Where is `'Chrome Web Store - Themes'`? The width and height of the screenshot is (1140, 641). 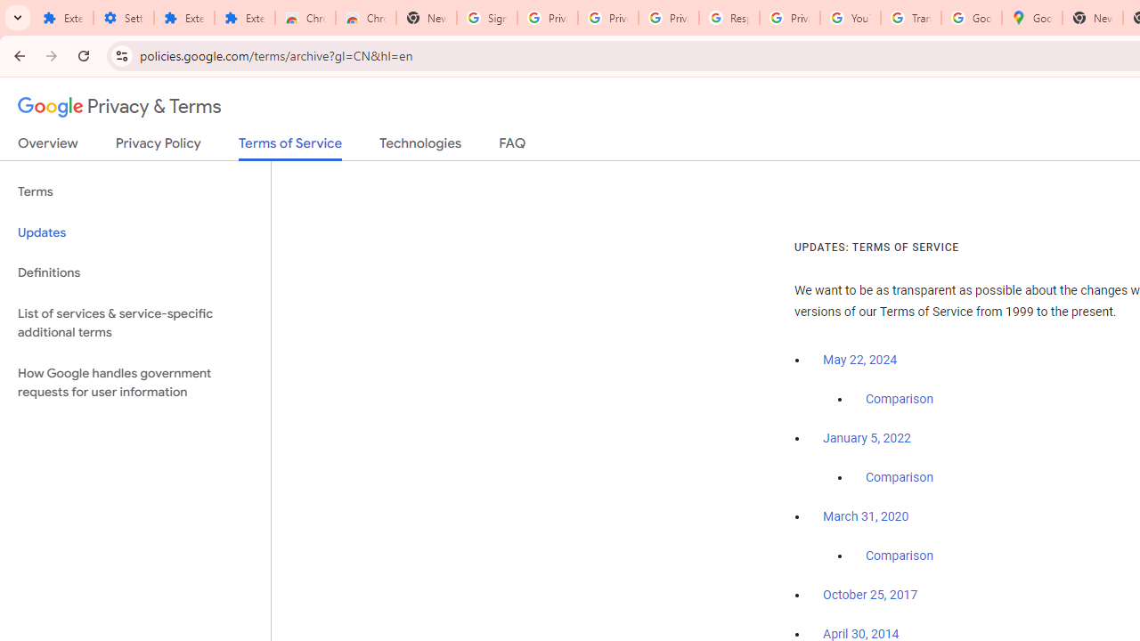
'Chrome Web Store - Themes' is located at coordinates (365, 18).